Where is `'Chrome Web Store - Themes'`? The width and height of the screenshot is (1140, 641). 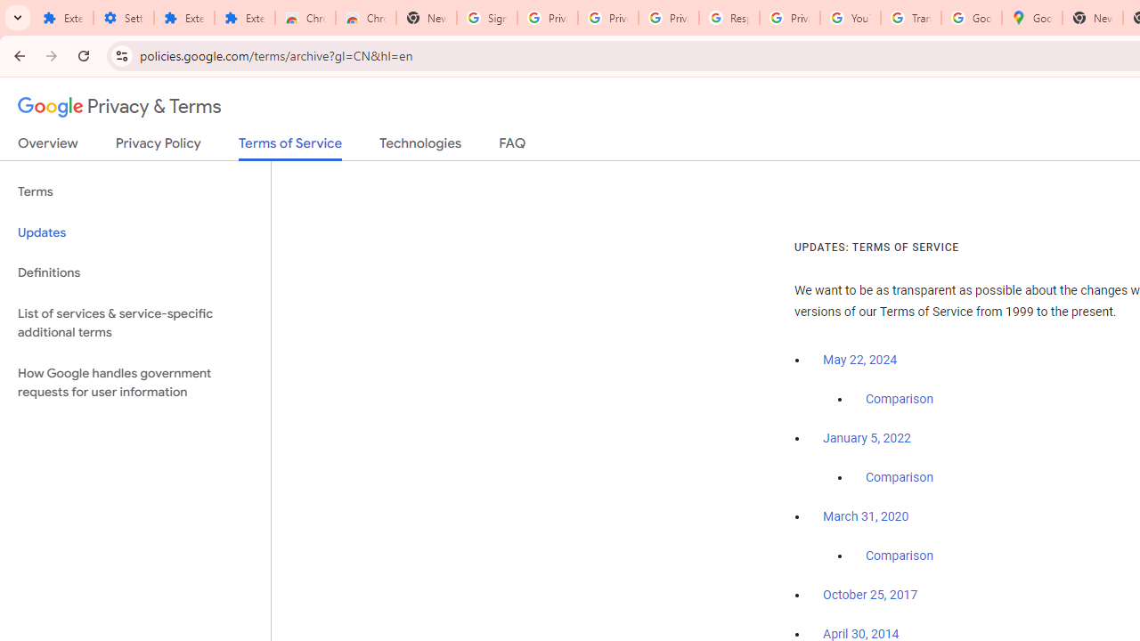
'Chrome Web Store - Themes' is located at coordinates (365, 18).